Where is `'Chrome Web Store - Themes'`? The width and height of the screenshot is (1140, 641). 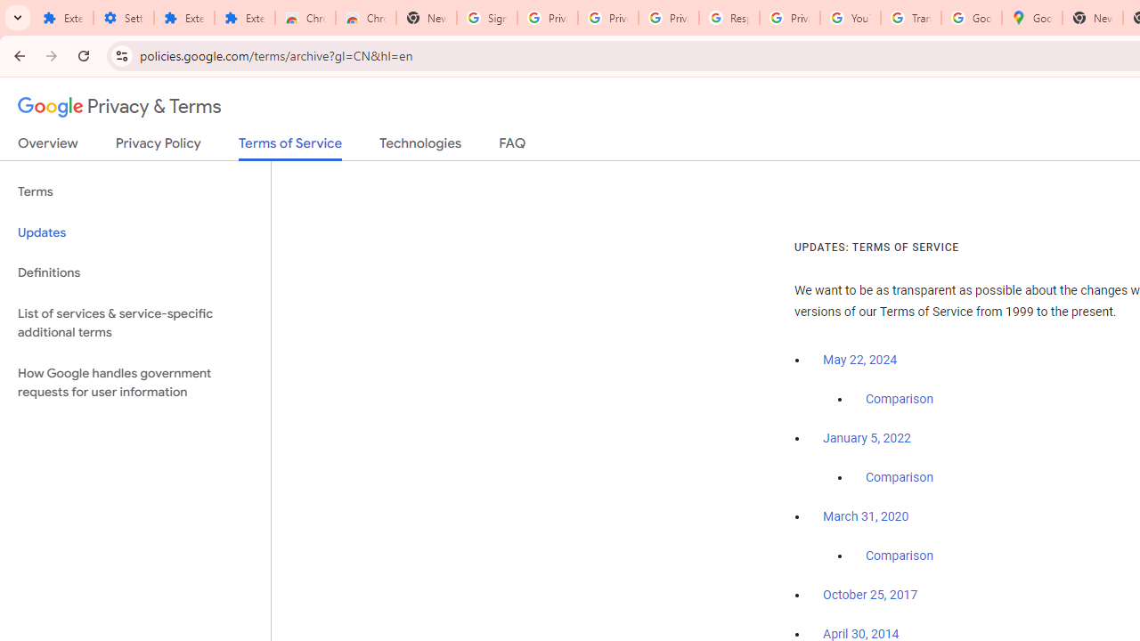
'Chrome Web Store - Themes' is located at coordinates (365, 18).